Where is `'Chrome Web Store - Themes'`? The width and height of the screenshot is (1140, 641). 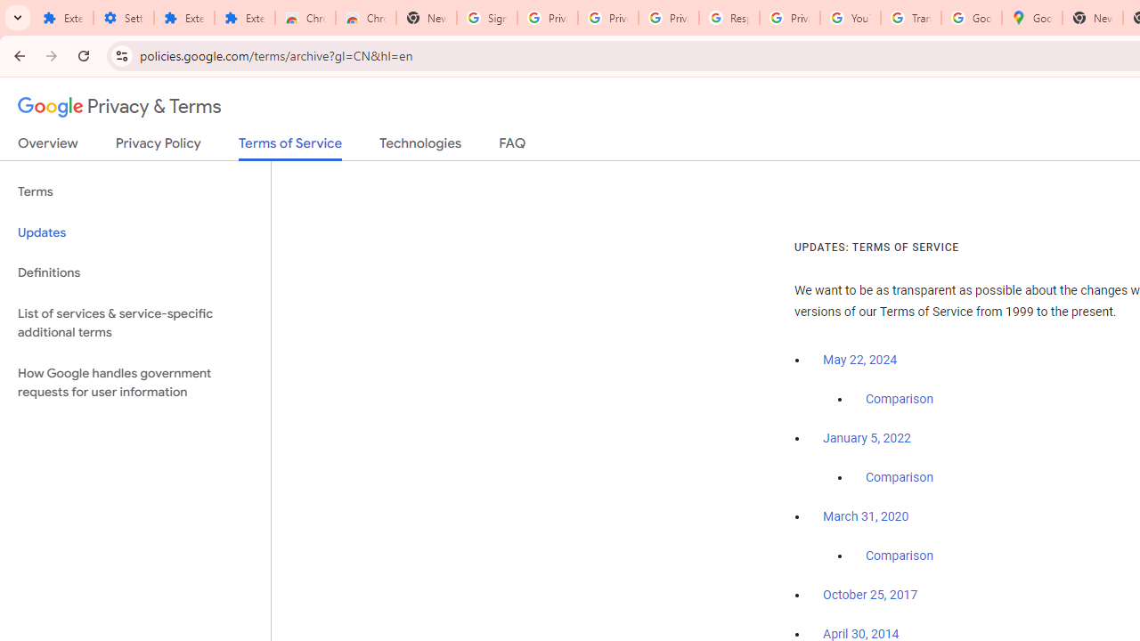
'Chrome Web Store - Themes' is located at coordinates (365, 18).